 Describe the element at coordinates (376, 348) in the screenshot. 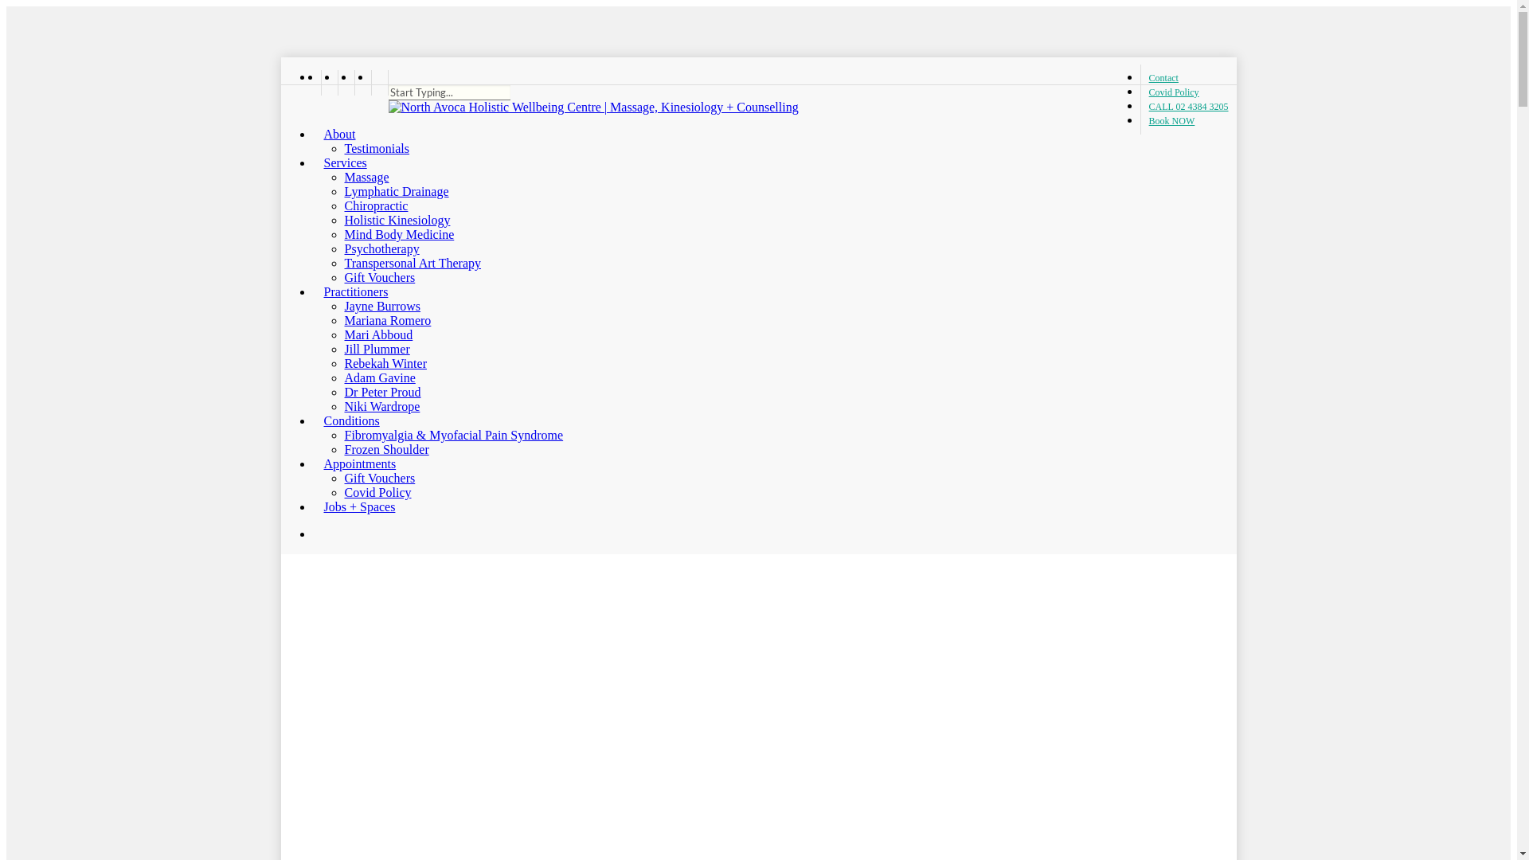

I see `'Jill Plummer'` at that location.